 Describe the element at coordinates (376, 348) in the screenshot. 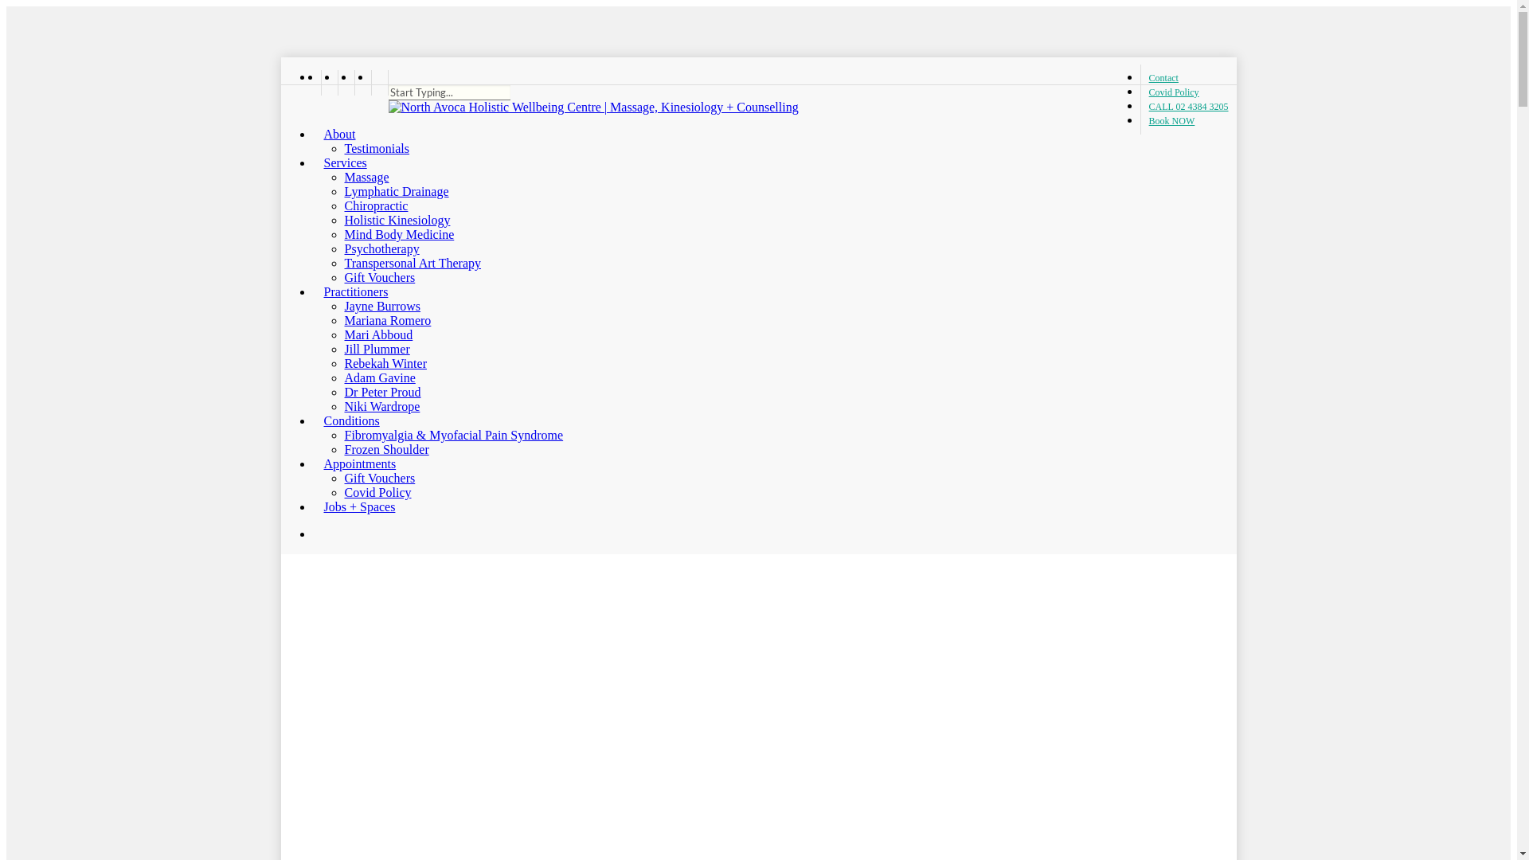

I see `'Jill Plummer'` at that location.